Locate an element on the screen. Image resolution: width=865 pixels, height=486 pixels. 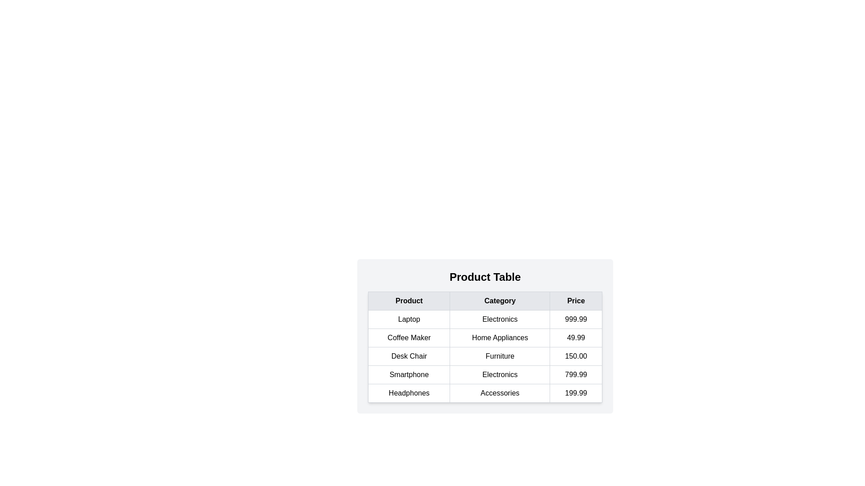
the 'Headphones' text label in the first cell of the last row under the 'Product' column in the table is located at coordinates (409, 393).